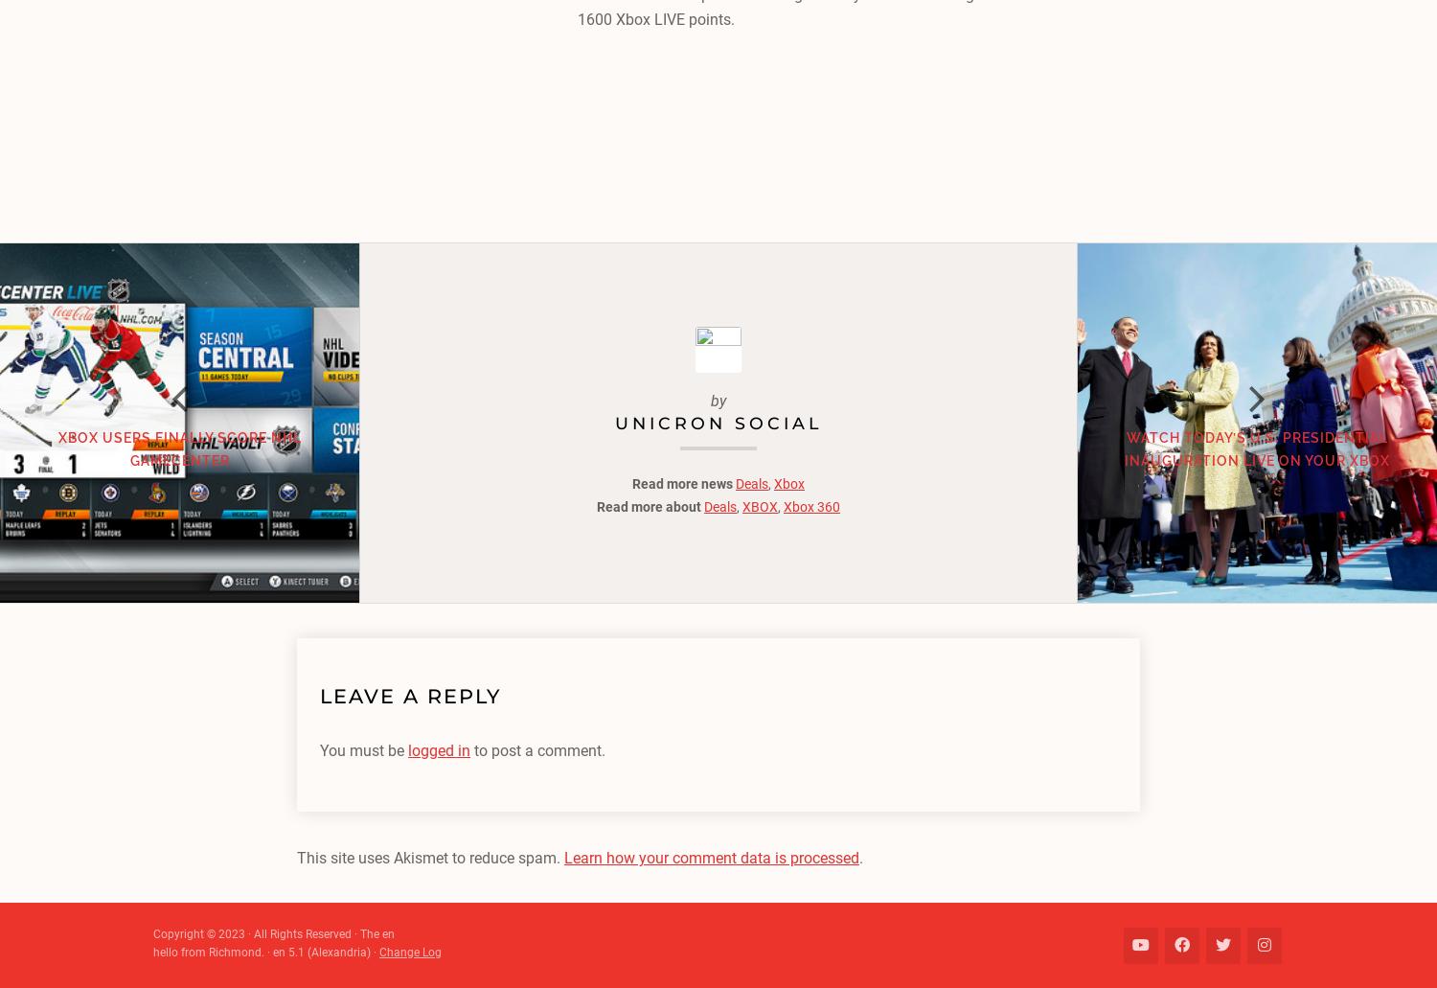 The image size is (1437, 988). What do you see at coordinates (710, 858) in the screenshot?
I see `'Learn how your comment data is processed'` at bounding box center [710, 858].